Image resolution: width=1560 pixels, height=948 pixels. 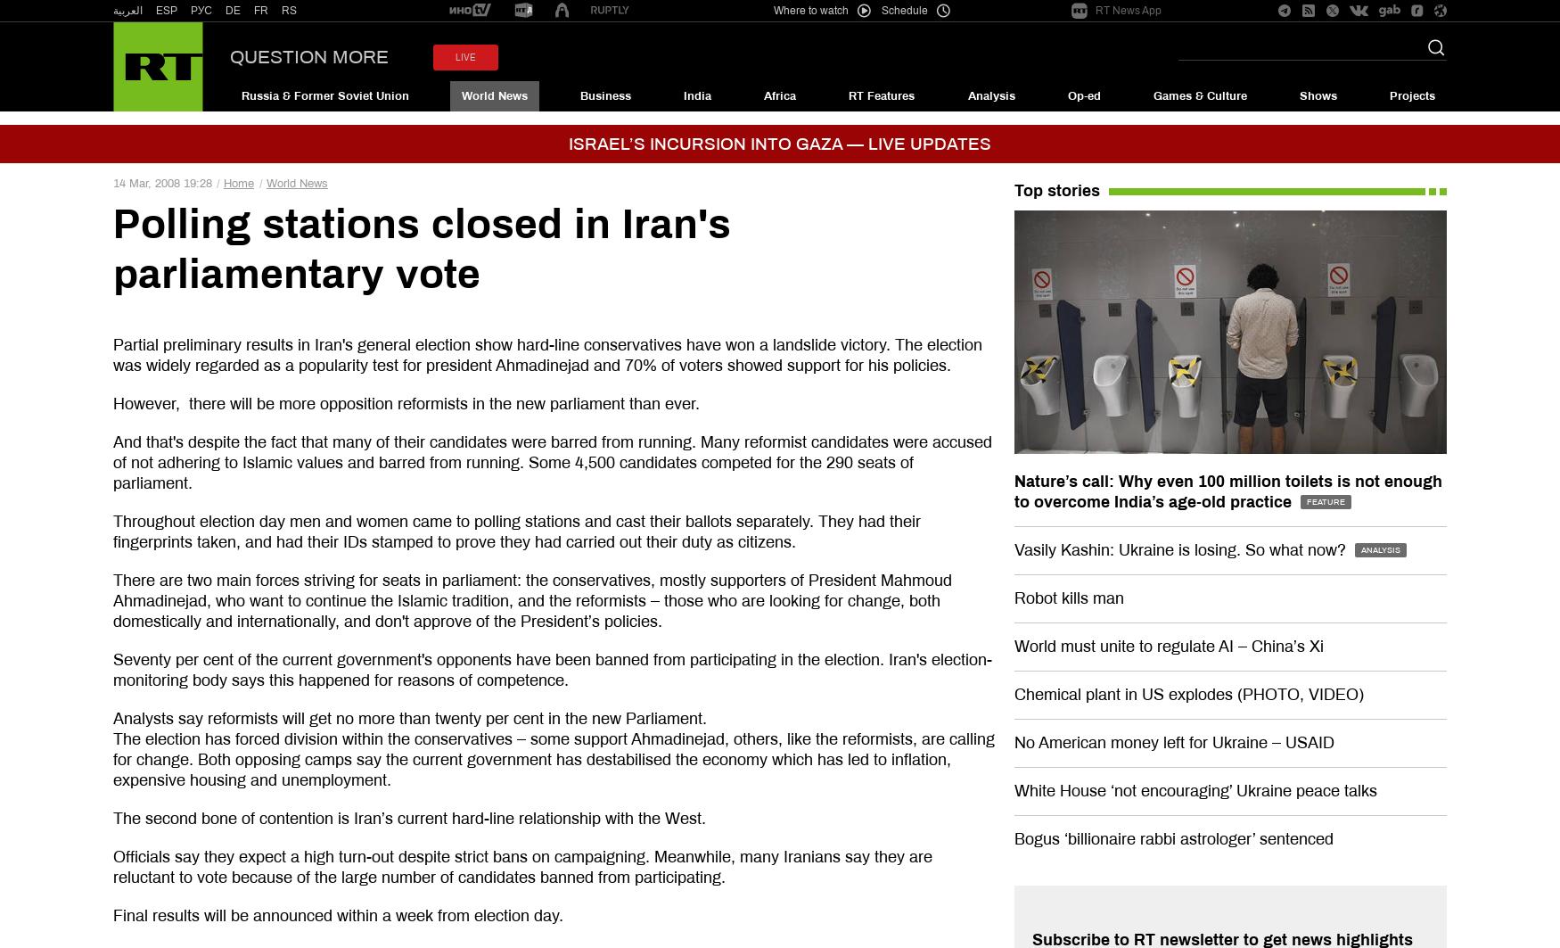 I want to click on 'White House ‘not encouraging’ Ukraine peace talks', so click(x=1195, y=789).